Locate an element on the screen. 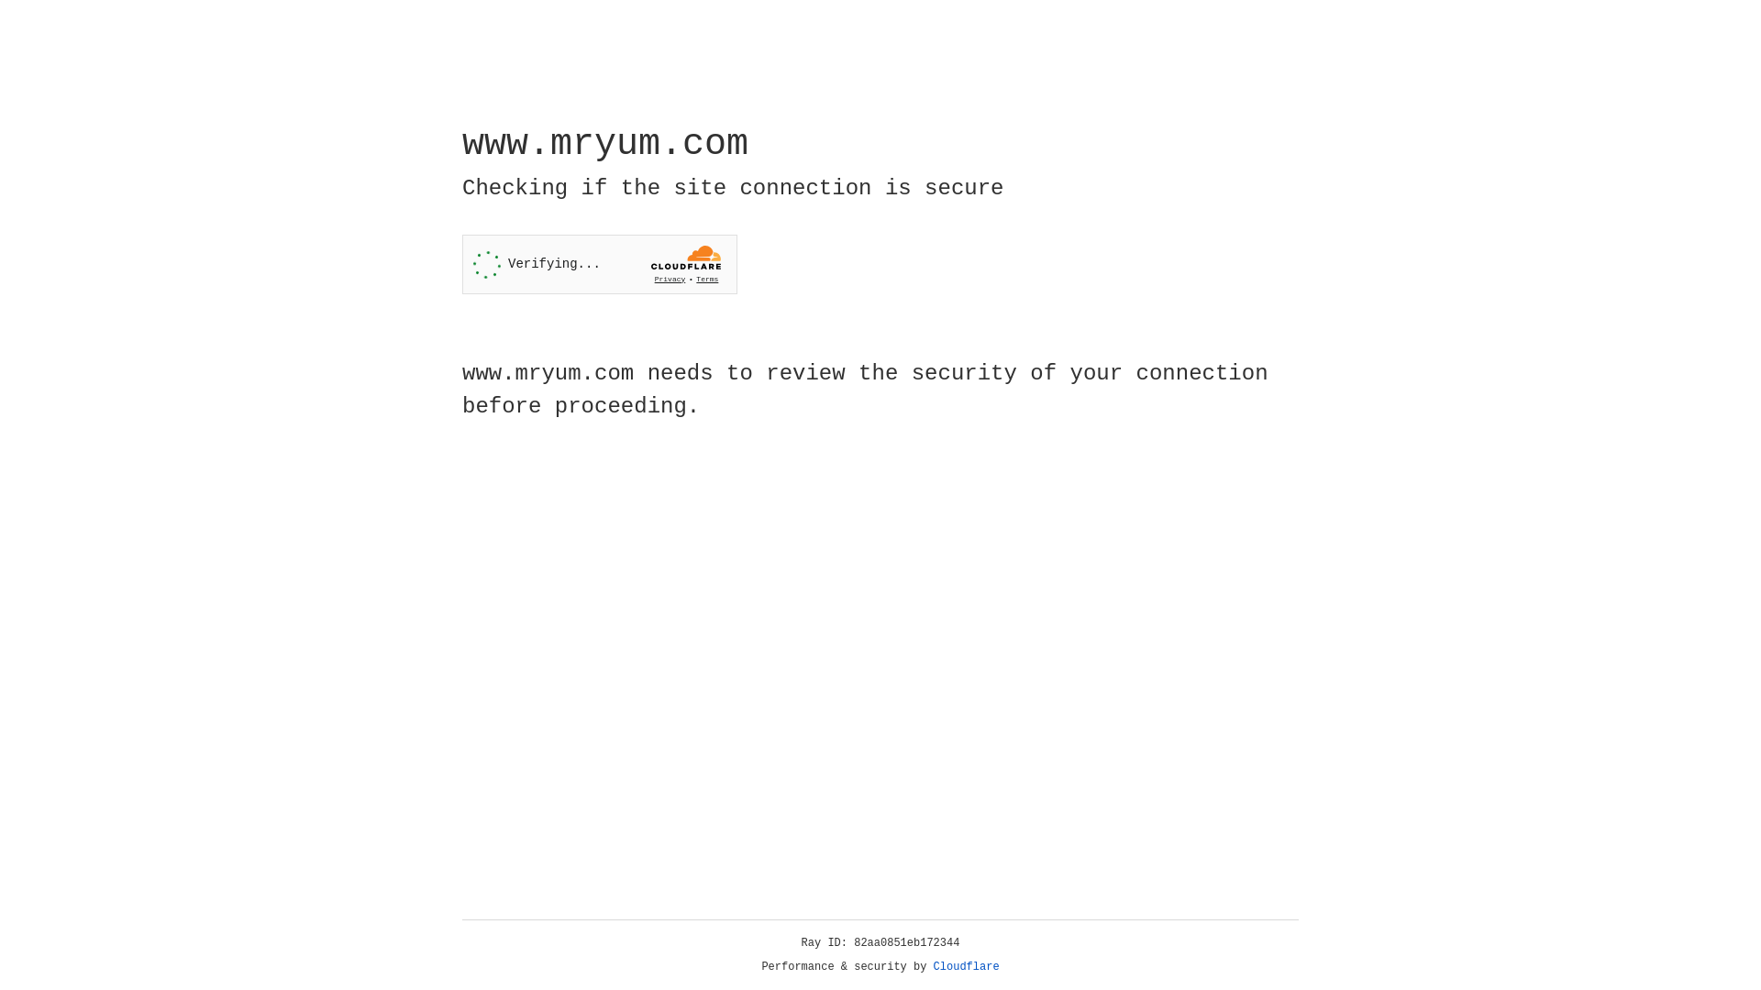 This screenshot has width=1761, height=990. 'Cloudflare' is located at coordinates (966, 966).